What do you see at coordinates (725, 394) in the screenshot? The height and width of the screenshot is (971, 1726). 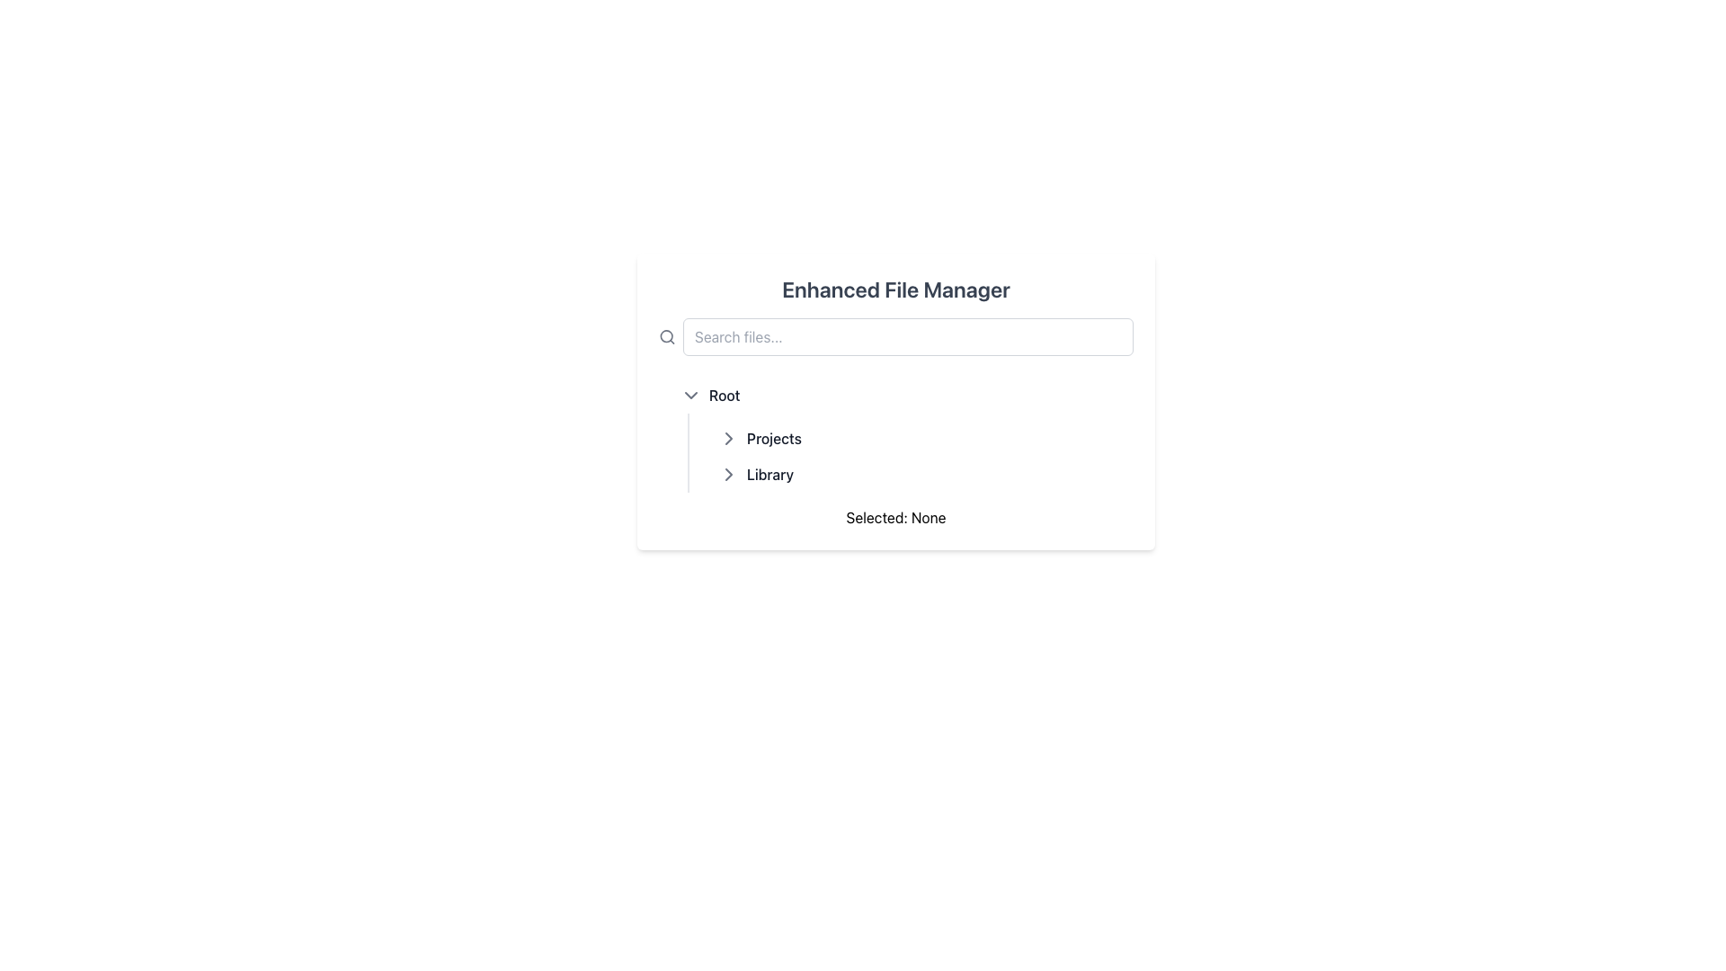 I see `the text label displaying 'Root' which is part of a collapsible menu, located in the sidebar of the interface` at bounding box center [725, 394].